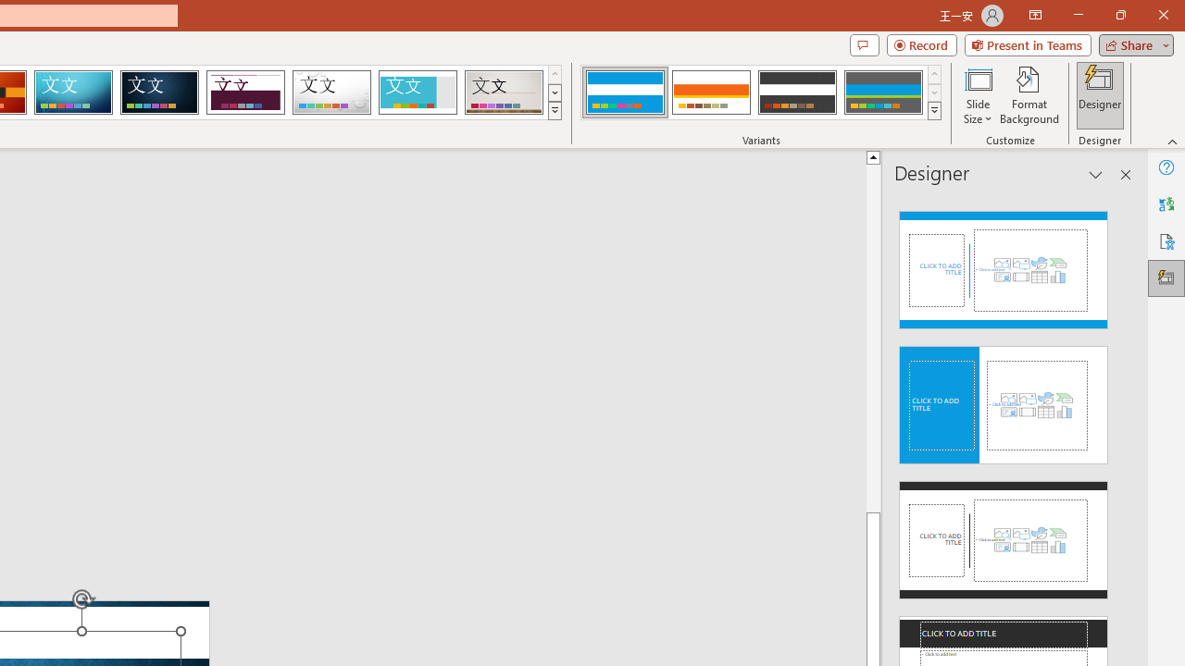 Image resolution: width=1185 pixels, height=666 pixels. What do you see at coordinates (710, 92) in the screenshot?
I see `'Banded Variant 2'` at bounding box center [710, 92].